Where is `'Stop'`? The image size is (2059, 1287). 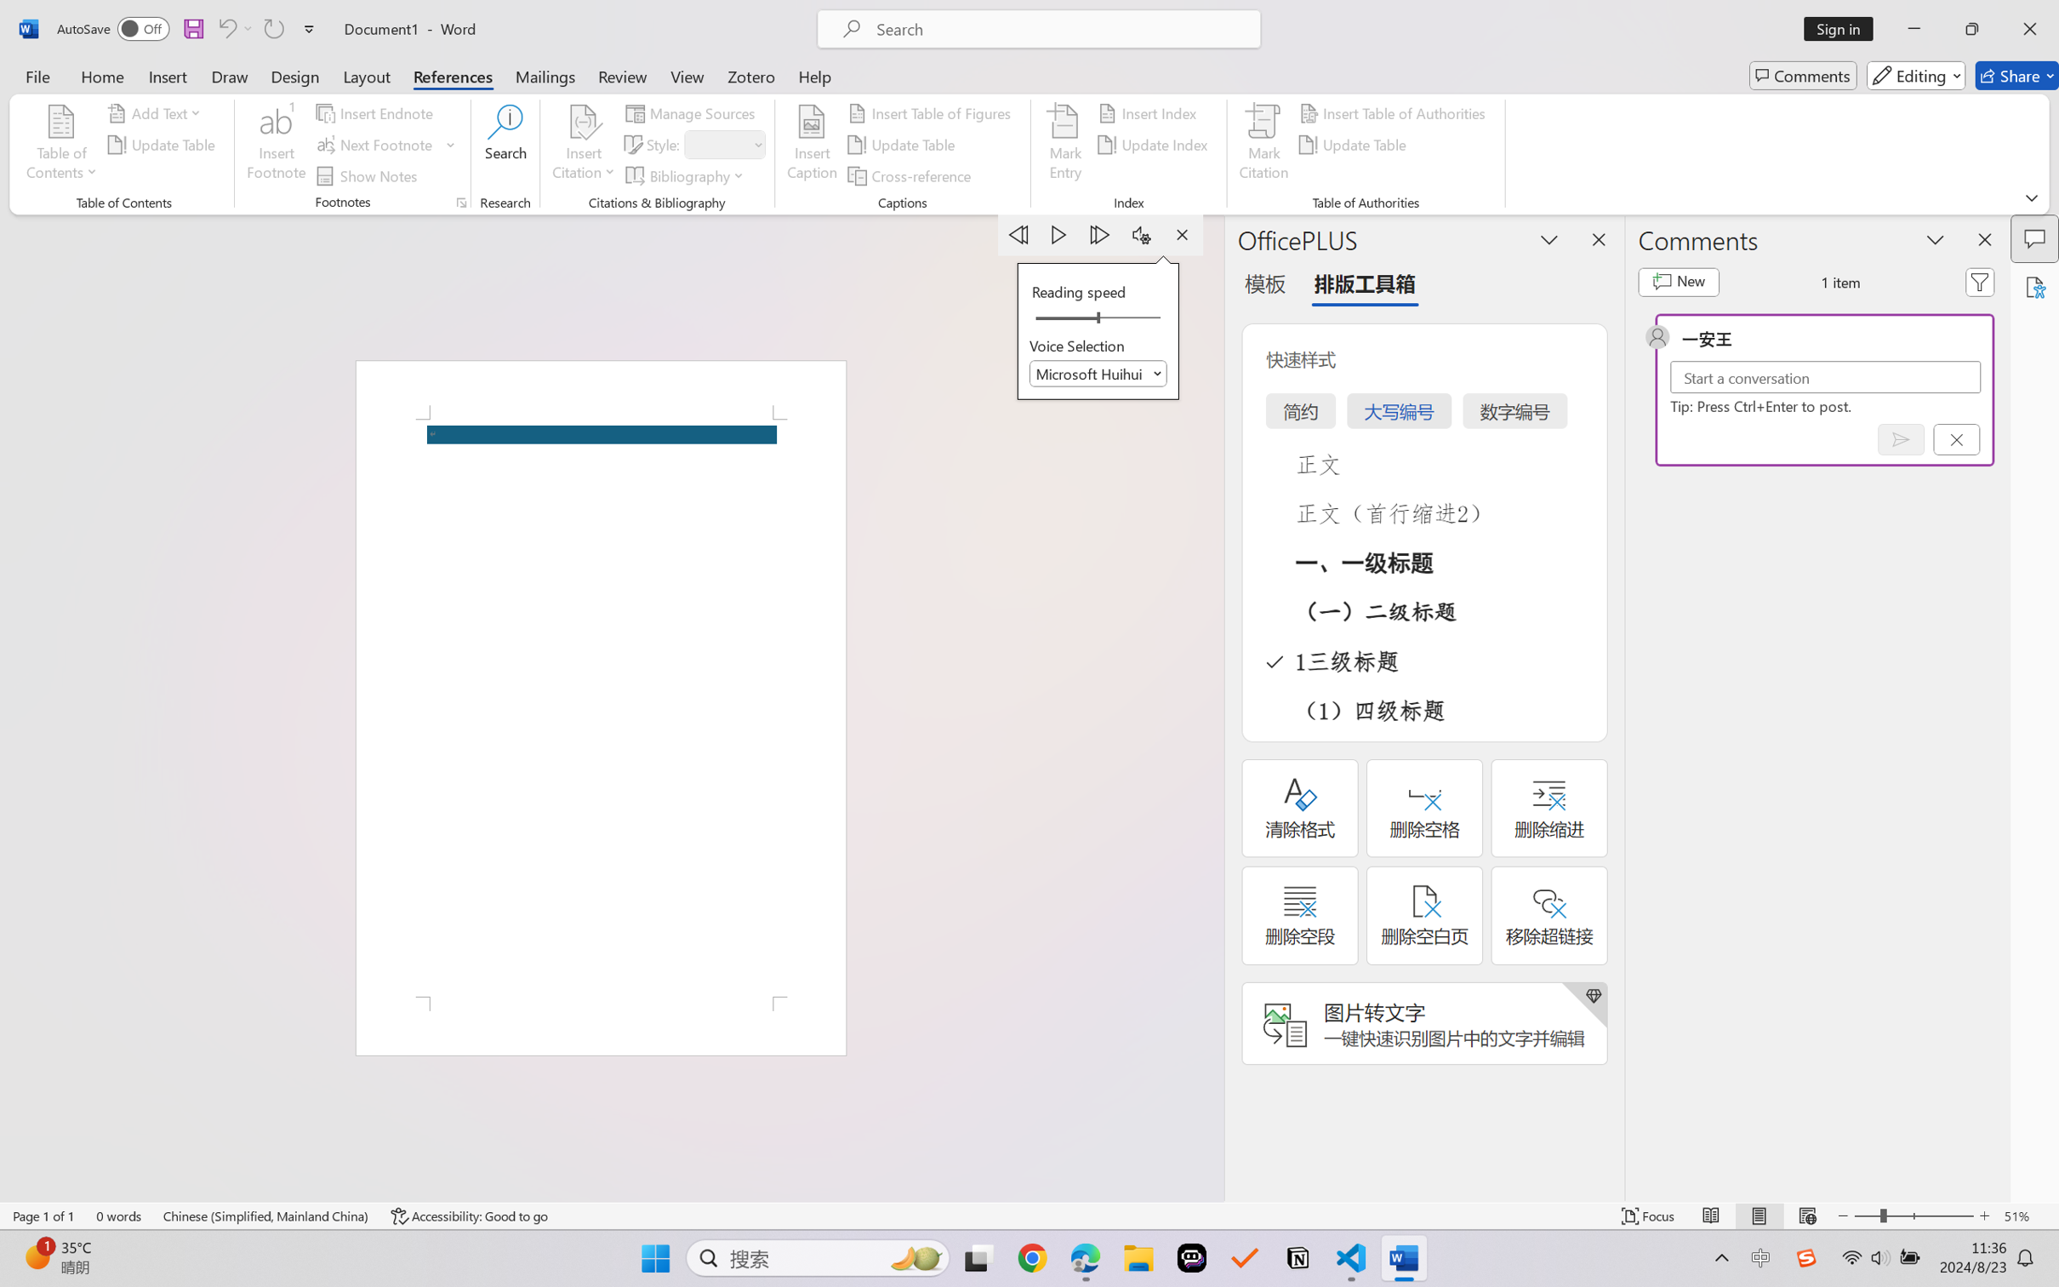
'Stop' is located at coordinates (1181, 234).